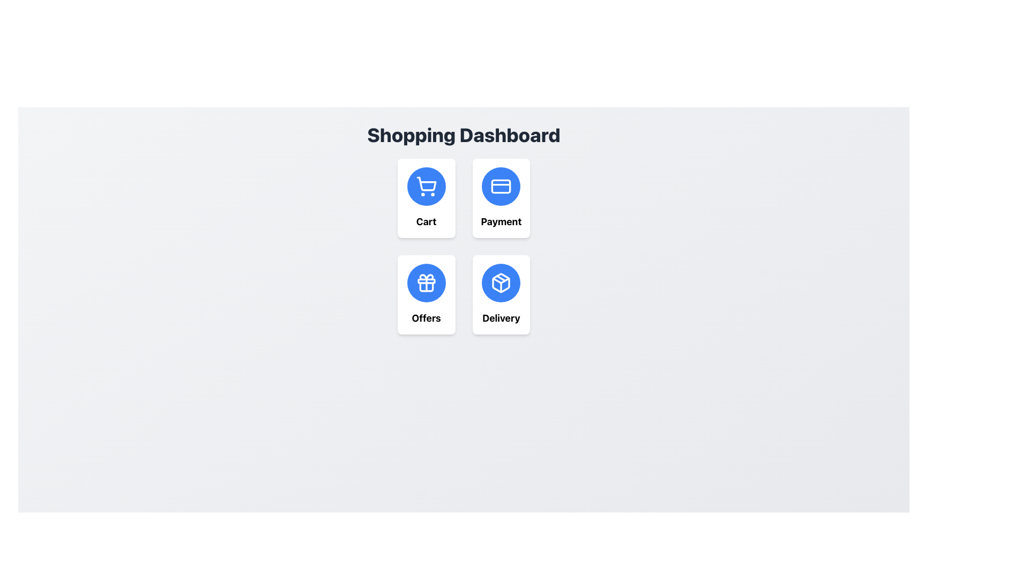 Image resolution: width=1029 pixels, height=579 pixels. Describe the element at coordinates (426, 286) in the screenshot. I see `the lower part of the gift box icon in the lower-left quadrant of the grid layout, which is part of the 'Offers' card` at that location.